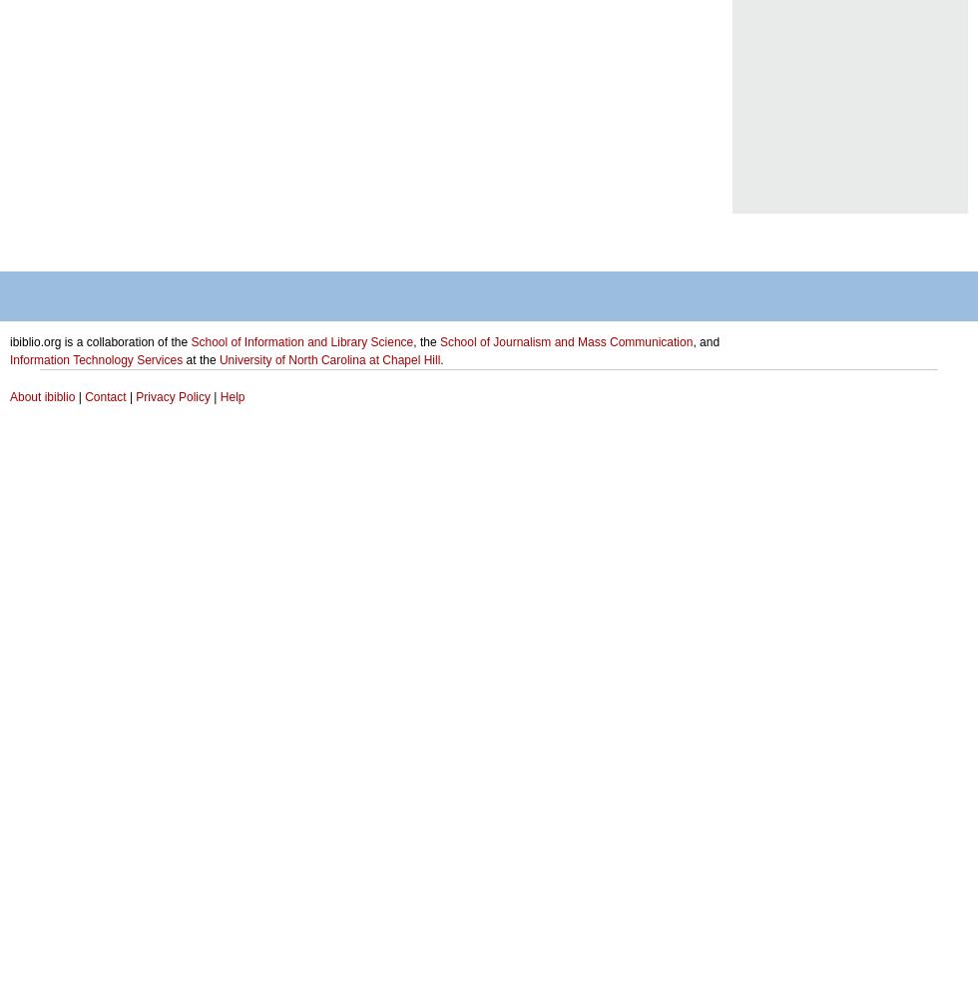 The width and height of the screenshot is (978, 998). I want to click on 'School of Information and Library Science', so click(301, 341).